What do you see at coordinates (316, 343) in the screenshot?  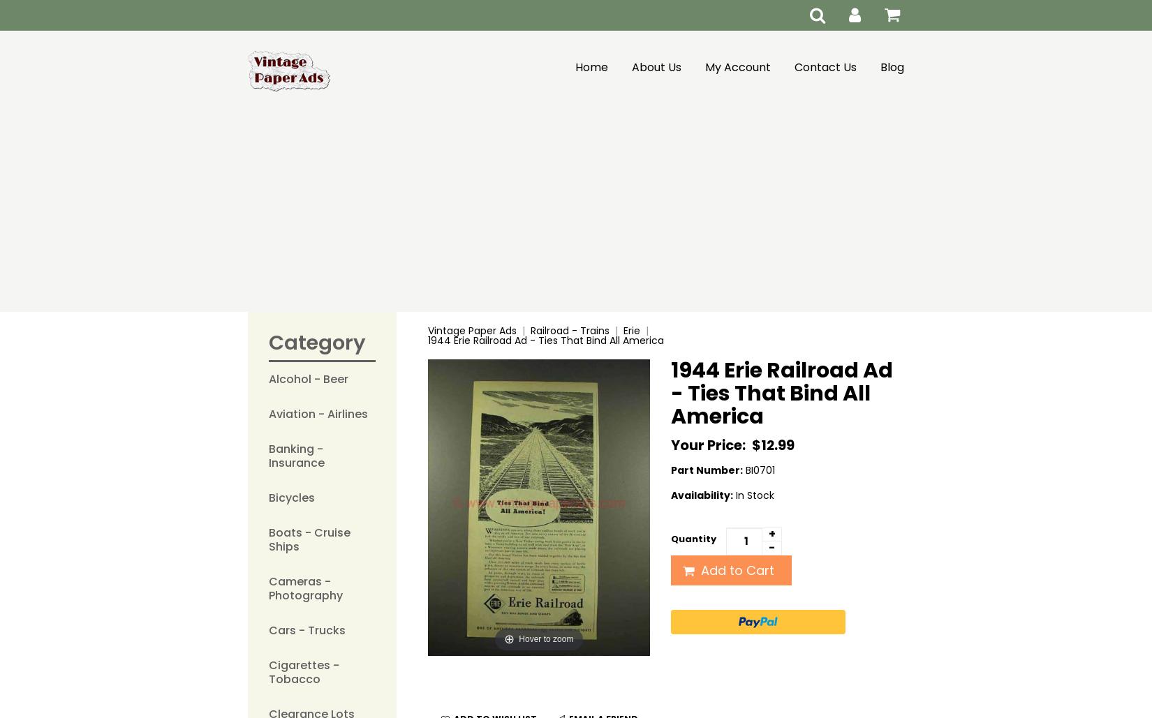 I see `'Category'` at bounding box center [316, 343].